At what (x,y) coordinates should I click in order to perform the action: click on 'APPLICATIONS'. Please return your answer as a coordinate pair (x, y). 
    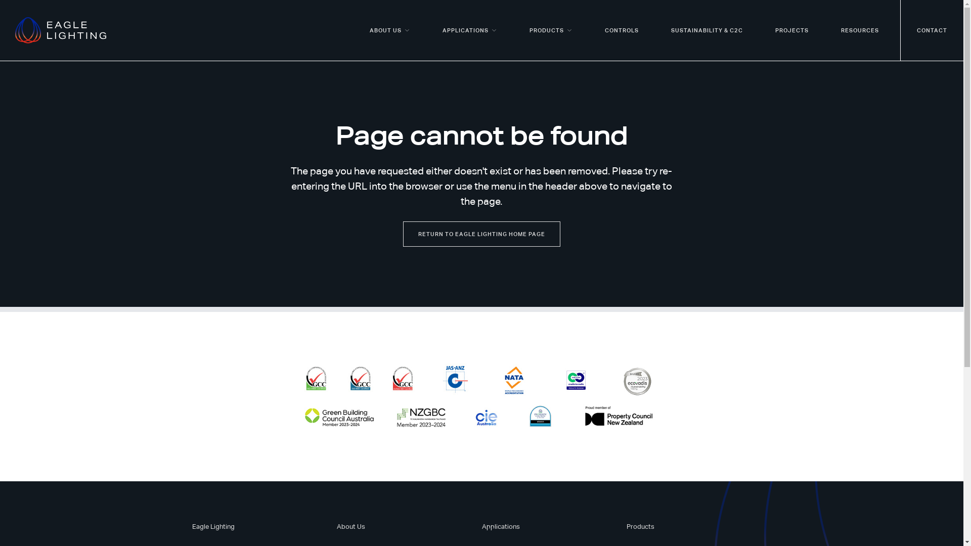
    Looking at the image, I should click on (426, 30).